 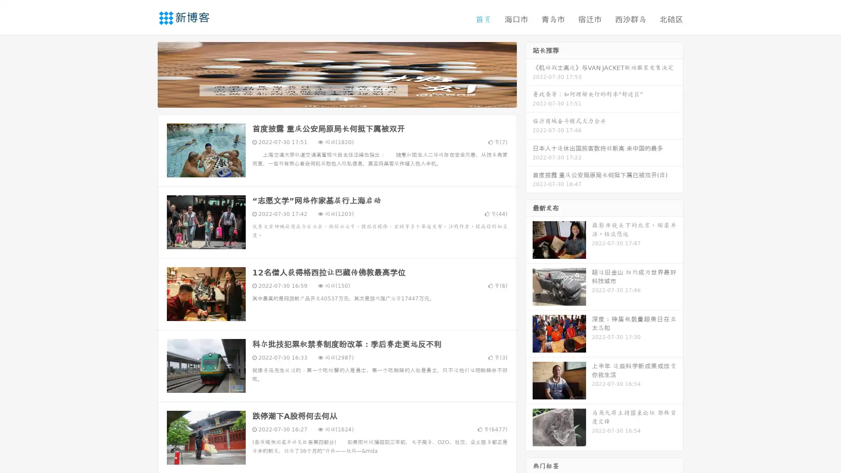 What do you see at coordinates (328, 99) in the screenshot?
I see `Go to slide 1` at bounding box center [328, 99].